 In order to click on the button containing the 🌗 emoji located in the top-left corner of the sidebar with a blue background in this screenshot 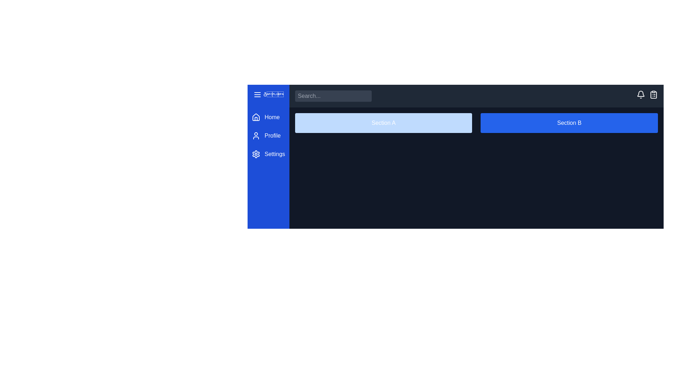, I will do `click(273, 94)`.